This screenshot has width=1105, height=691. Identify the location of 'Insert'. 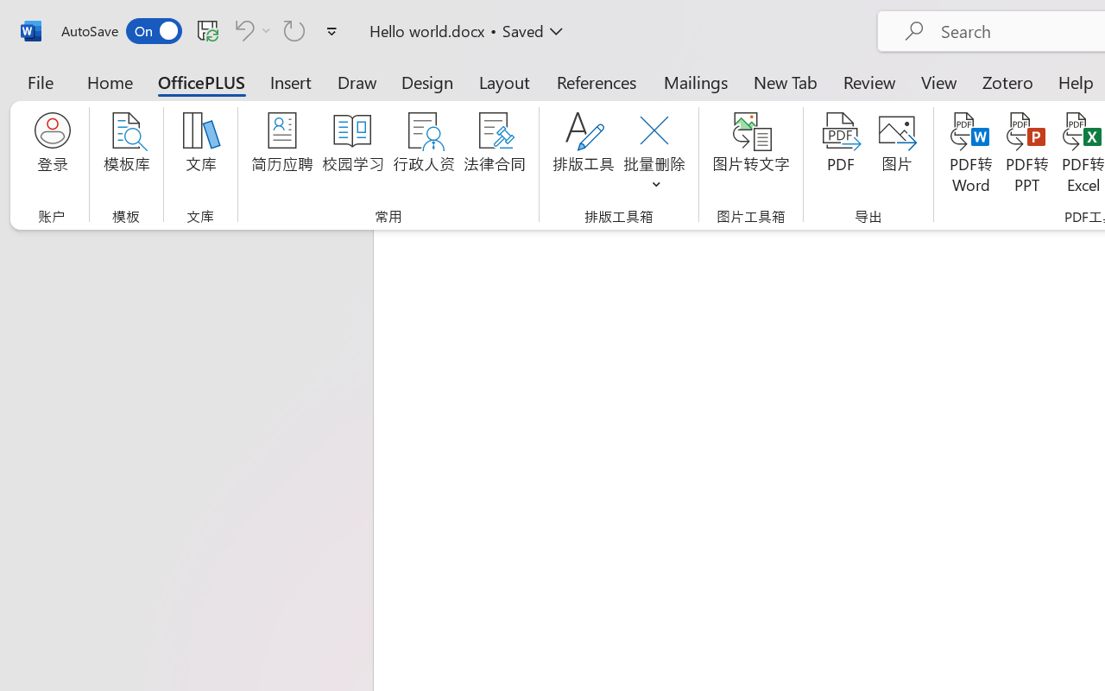
(291, 81).